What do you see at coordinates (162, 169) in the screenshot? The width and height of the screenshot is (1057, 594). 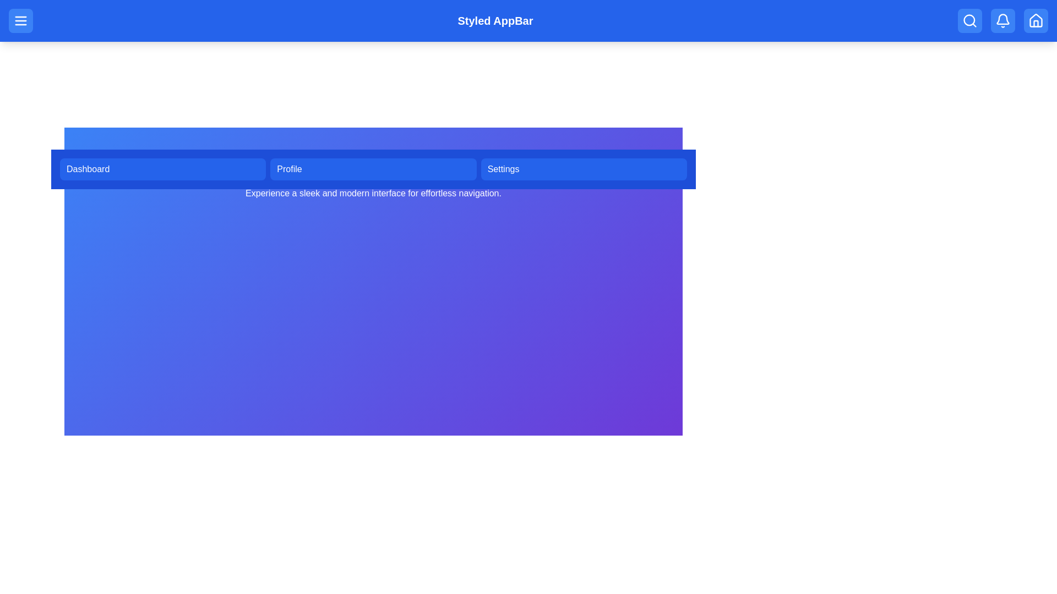 I see `the navigation menu button corresponding to Dashboard` at bounding box center [162, 169].